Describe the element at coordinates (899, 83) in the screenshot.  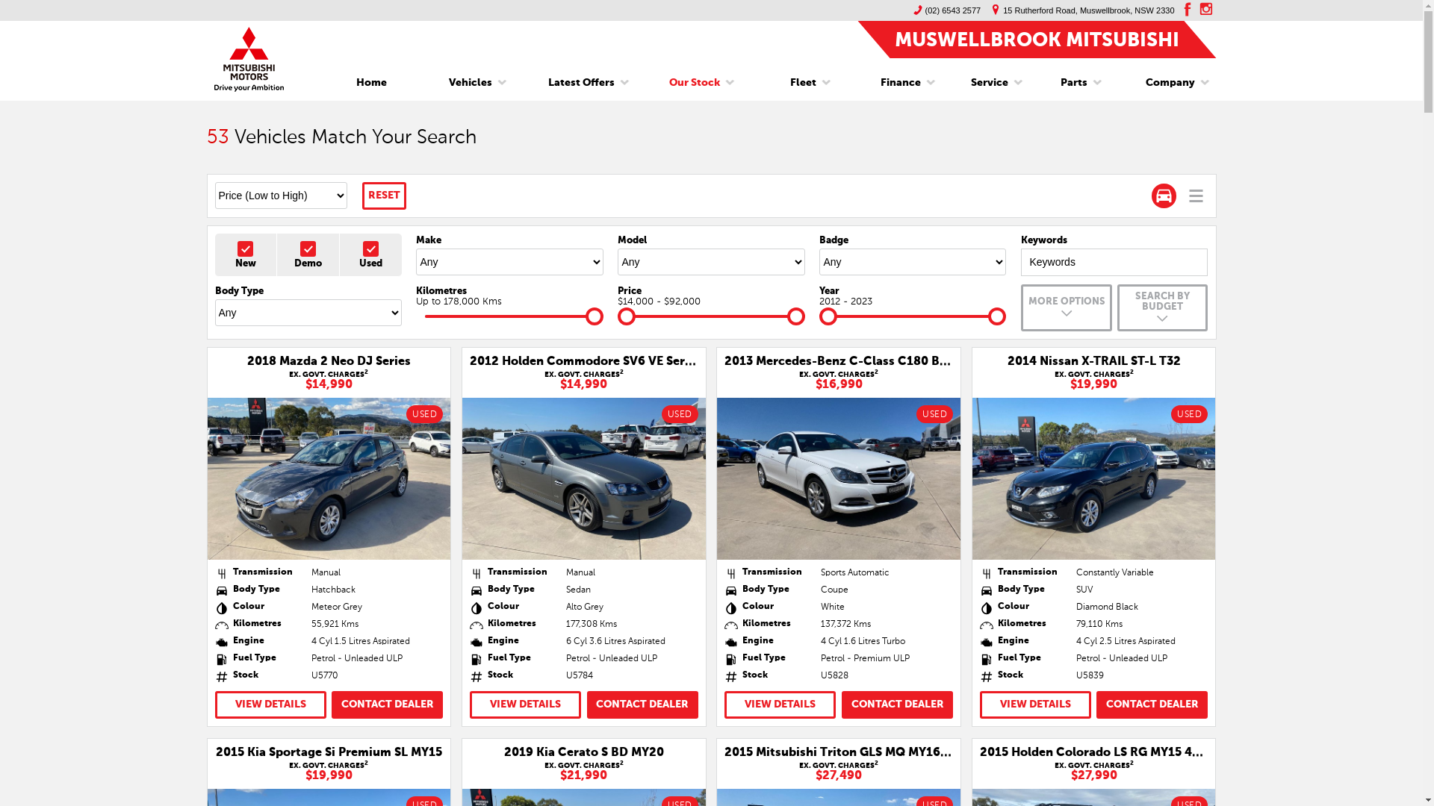
I see `'Finance'` at that location.